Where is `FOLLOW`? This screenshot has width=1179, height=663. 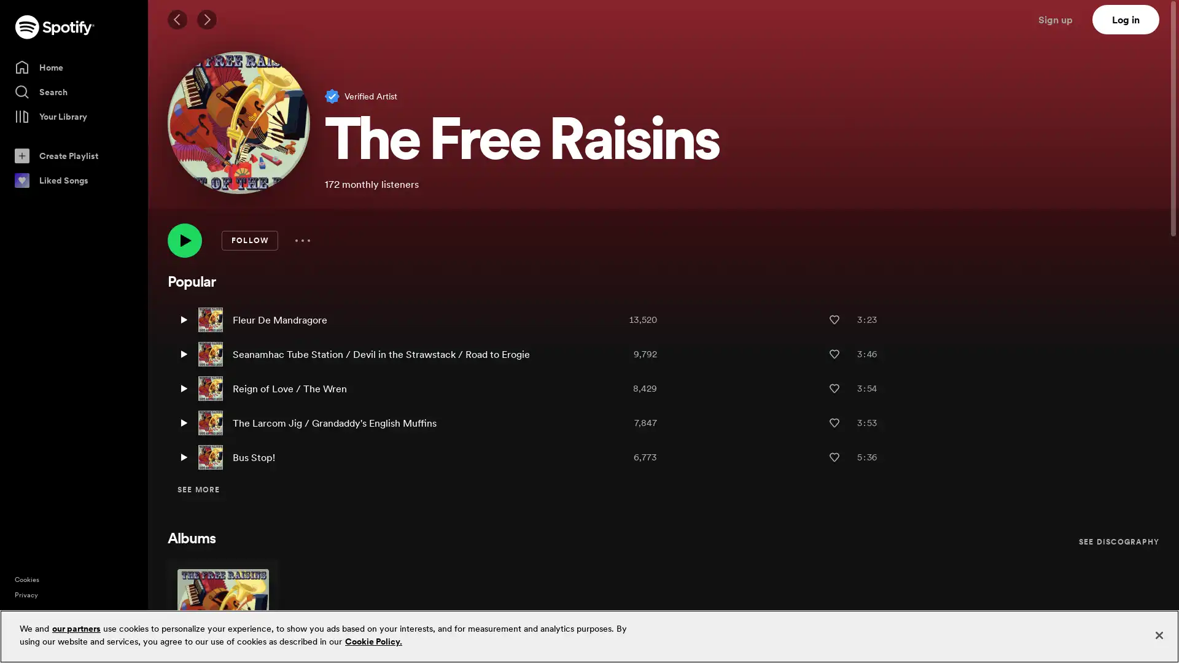
FOLLOW is located at coordinates (249, 241).